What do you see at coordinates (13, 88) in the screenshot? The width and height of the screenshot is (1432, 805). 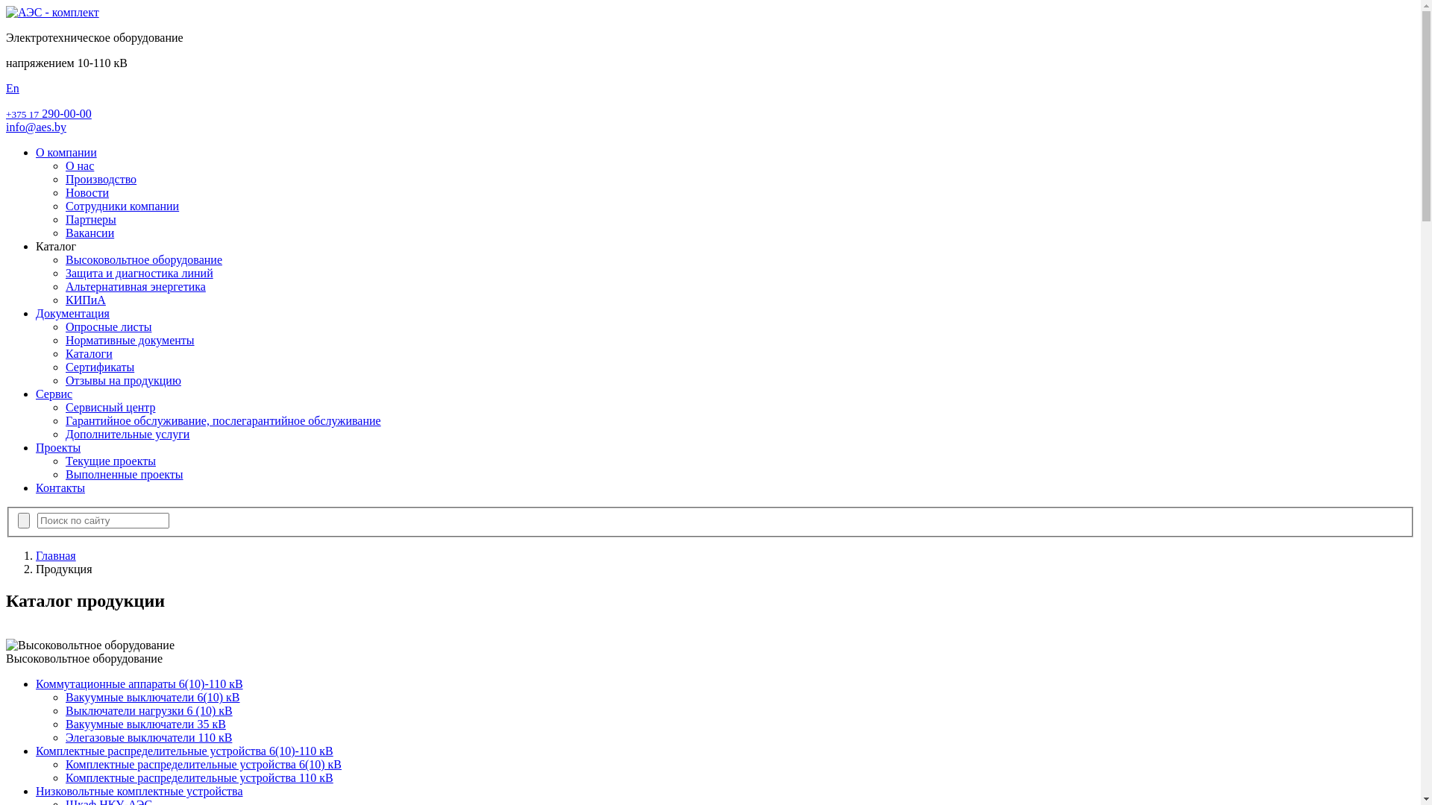 I see `'En'` at bounding box center [13, 88].